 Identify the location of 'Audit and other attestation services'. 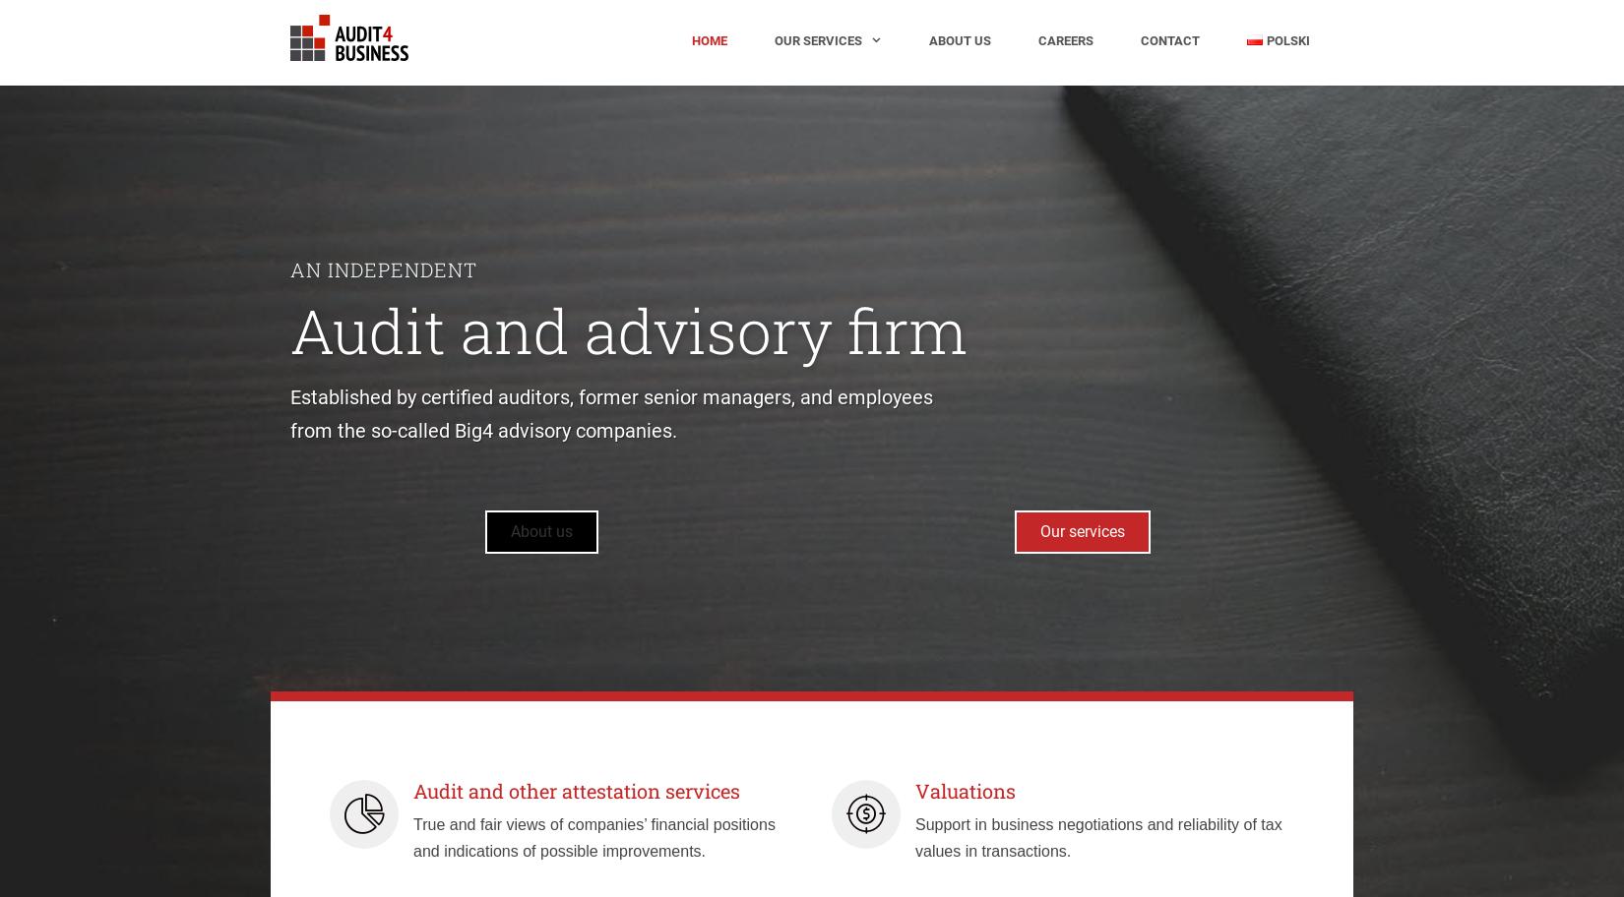
(411, 790).